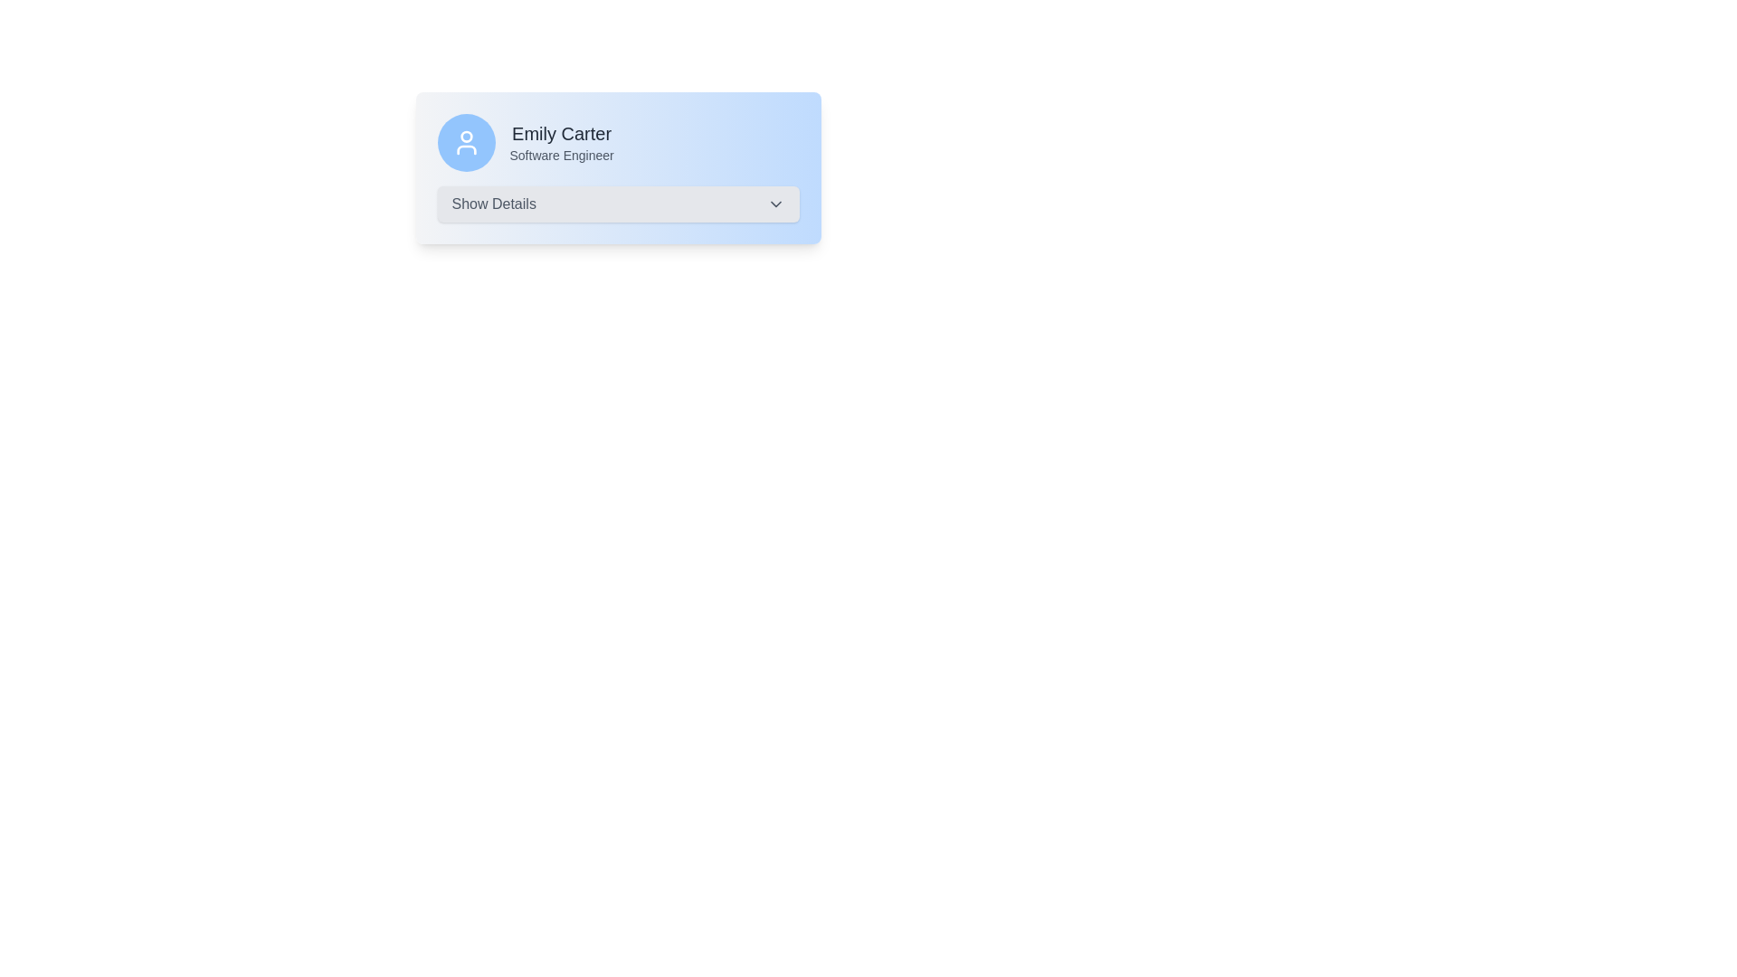  I want to click on the 'Emily Carter' text label, which is styled in dark gray and positioned at the top right of a profile card layout, so click(561, 132).